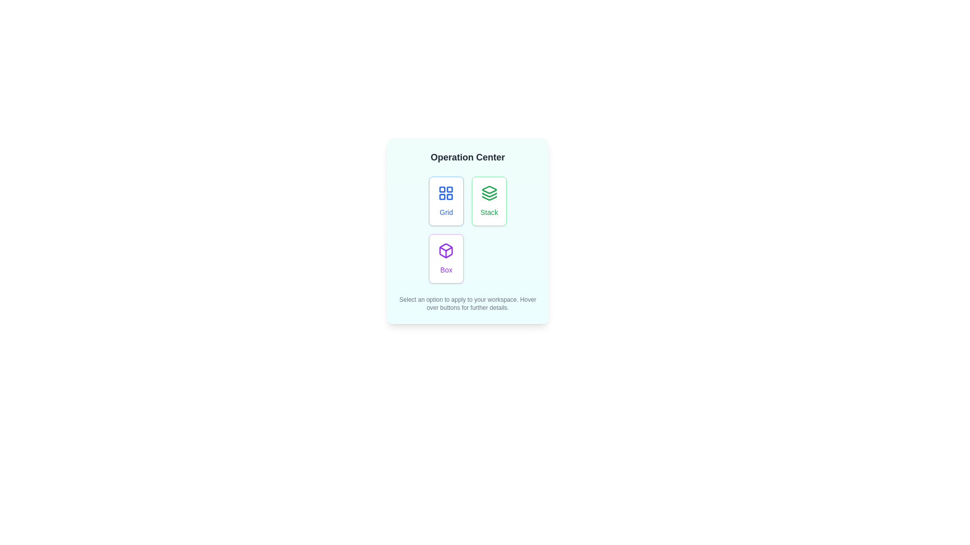 Image resolution: width=970 pixels, height=545 pixels. I want to click on the blue-colored grid icon, which is part of the 'Grid' button located in the top-left corner of the 'Operation Center' section, so click(446, 193).